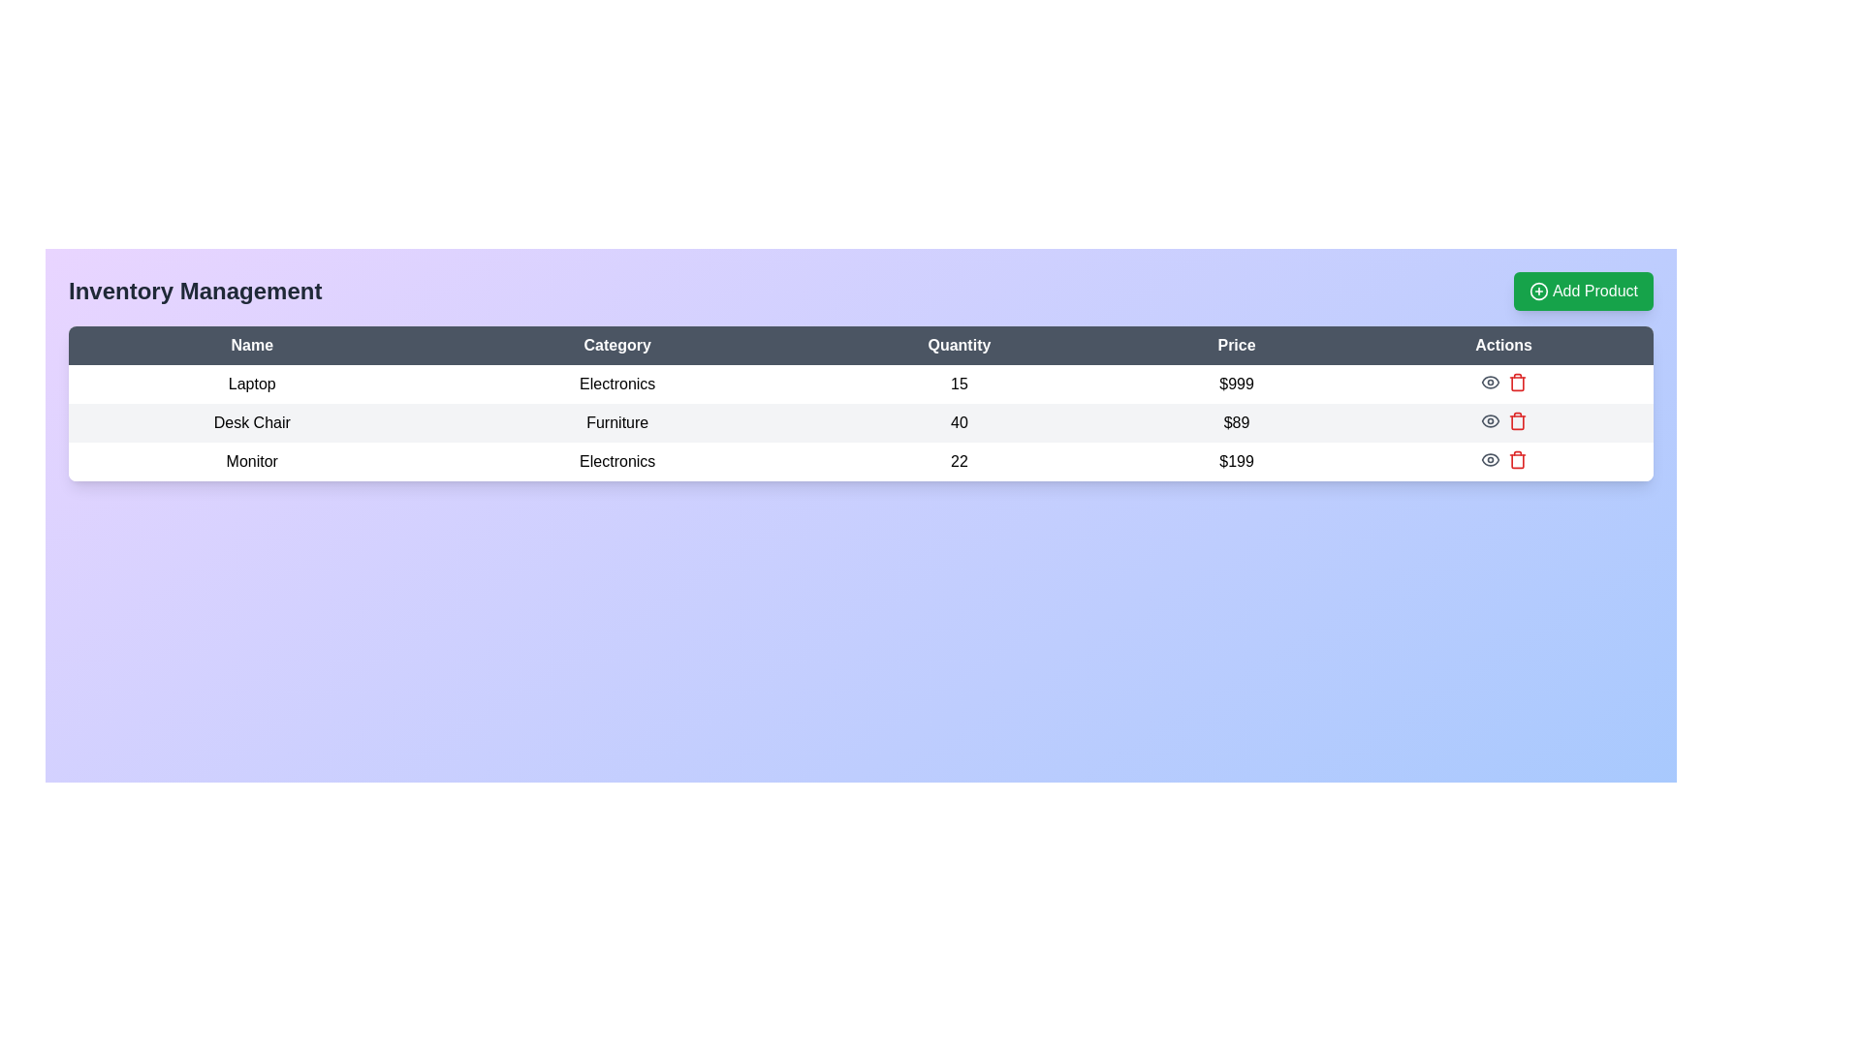 This screenshot has height=1046, width=1861. What do you see at coordinates (959, 462) in the screenshot?
I see `the text label displaying the number '22' in the 'Quantity' column of the last row in the table that corresponds to the 'Monitor' item` at bounding box center [959, 462].